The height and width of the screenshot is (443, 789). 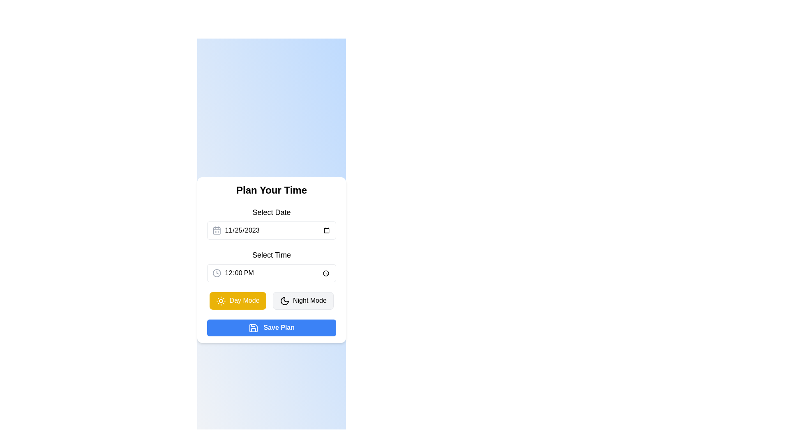 What do you see at coordinates (284, 301) in the screenshot?
I see `the crescent moon icon located to the left of the 'Night Mode' text` at bounding box center [284, 301].